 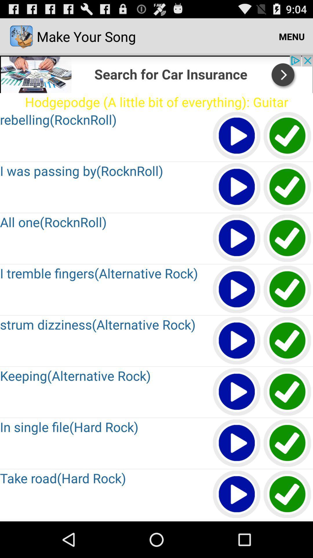 What do you see at coordinates (287, 392) in the screenshot?
I see `play` at bounding box center [287, 392].